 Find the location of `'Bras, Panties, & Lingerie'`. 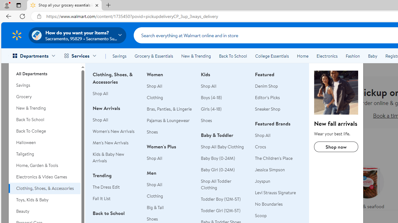

'Bras, Panties, & Lingerie' is located at coordinates (170, 109).